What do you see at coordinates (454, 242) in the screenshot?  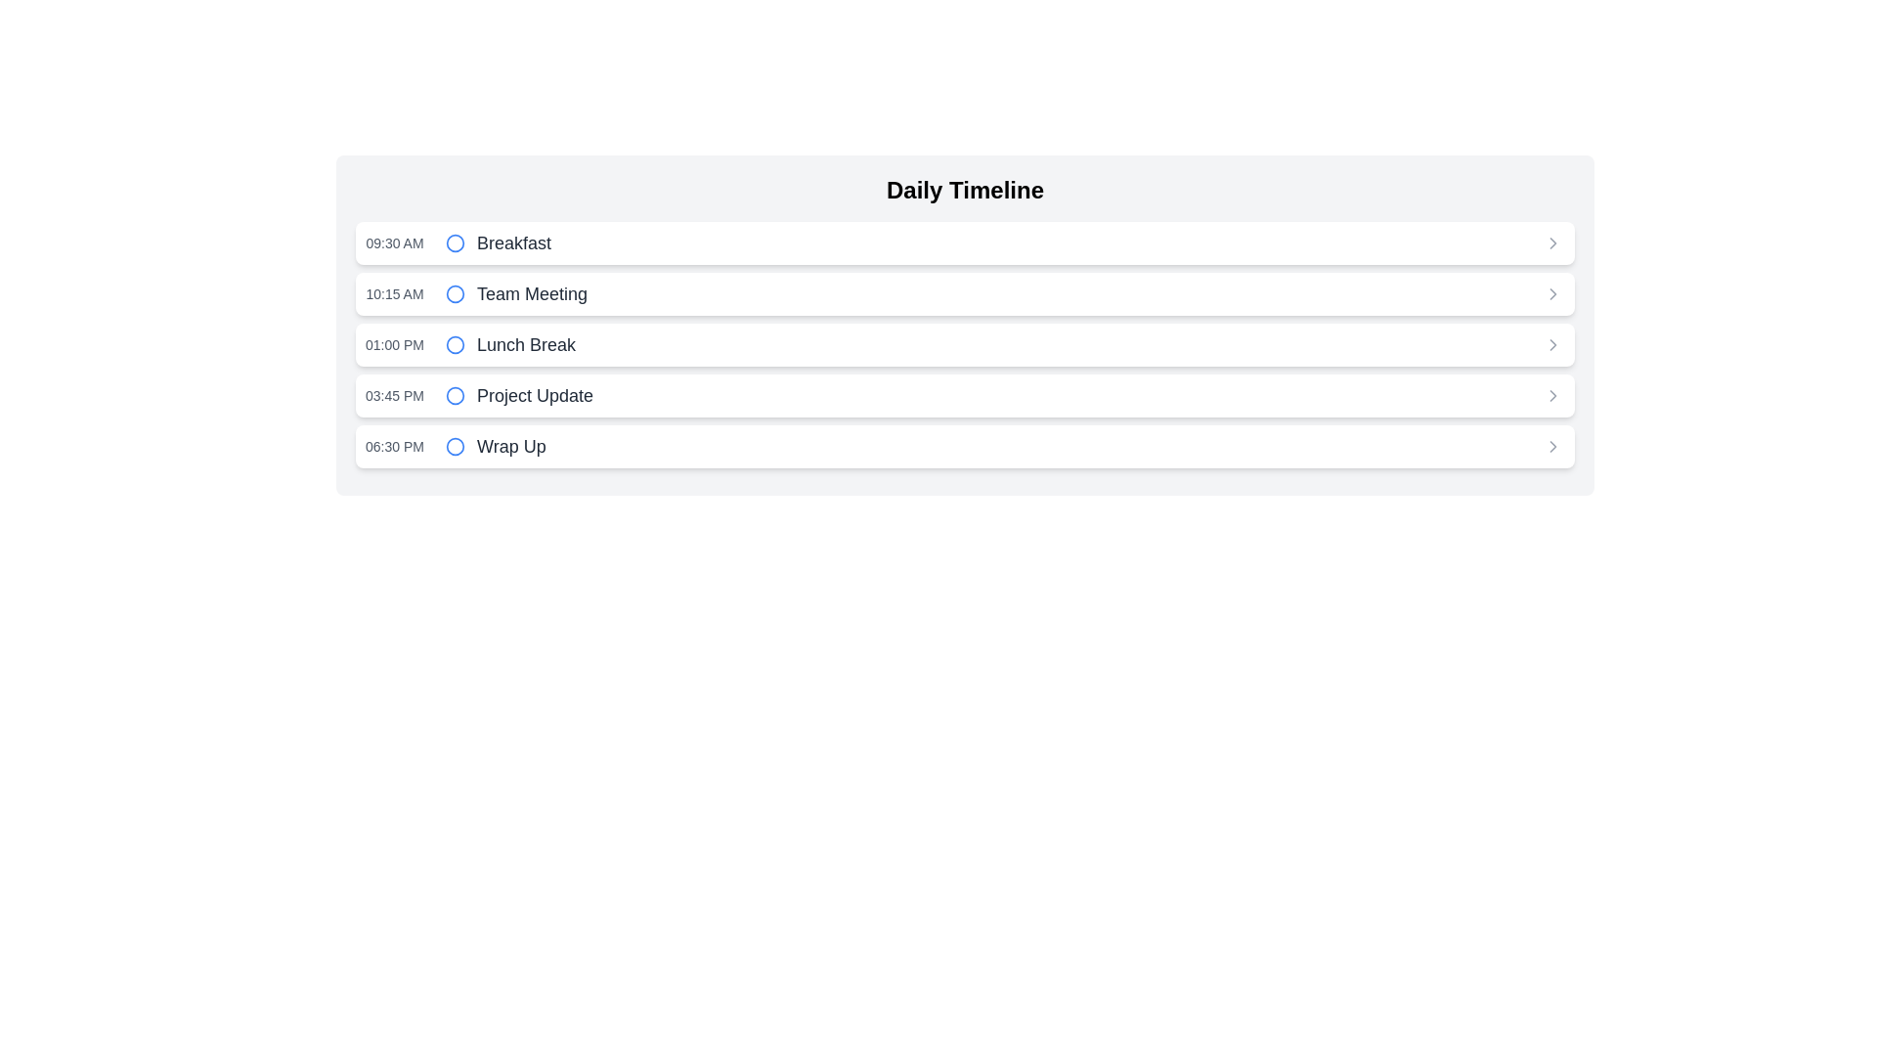 I see `the visual indicator icon related to the 'Breakfast' entry in the timeline` at bounding box center [454, 242].